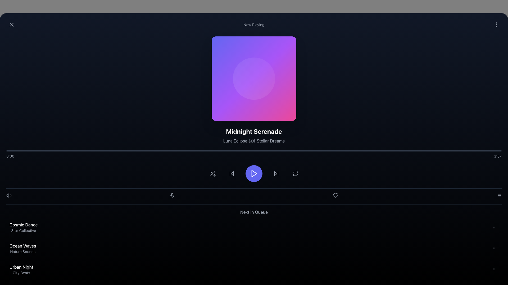  What do you see at coordinates (345, 151) in the screenshot?
I see `playback` at bounding box center [345, 151].